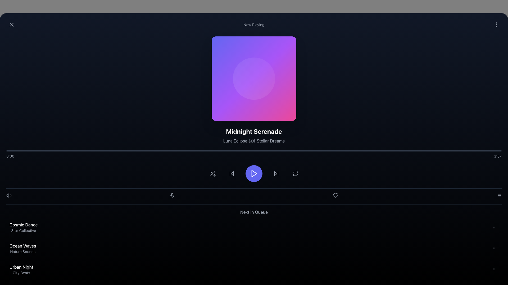  What do you see at coordinates (345, 151) in the screenshot?
I see `playback` at bounding box center [345, 151].